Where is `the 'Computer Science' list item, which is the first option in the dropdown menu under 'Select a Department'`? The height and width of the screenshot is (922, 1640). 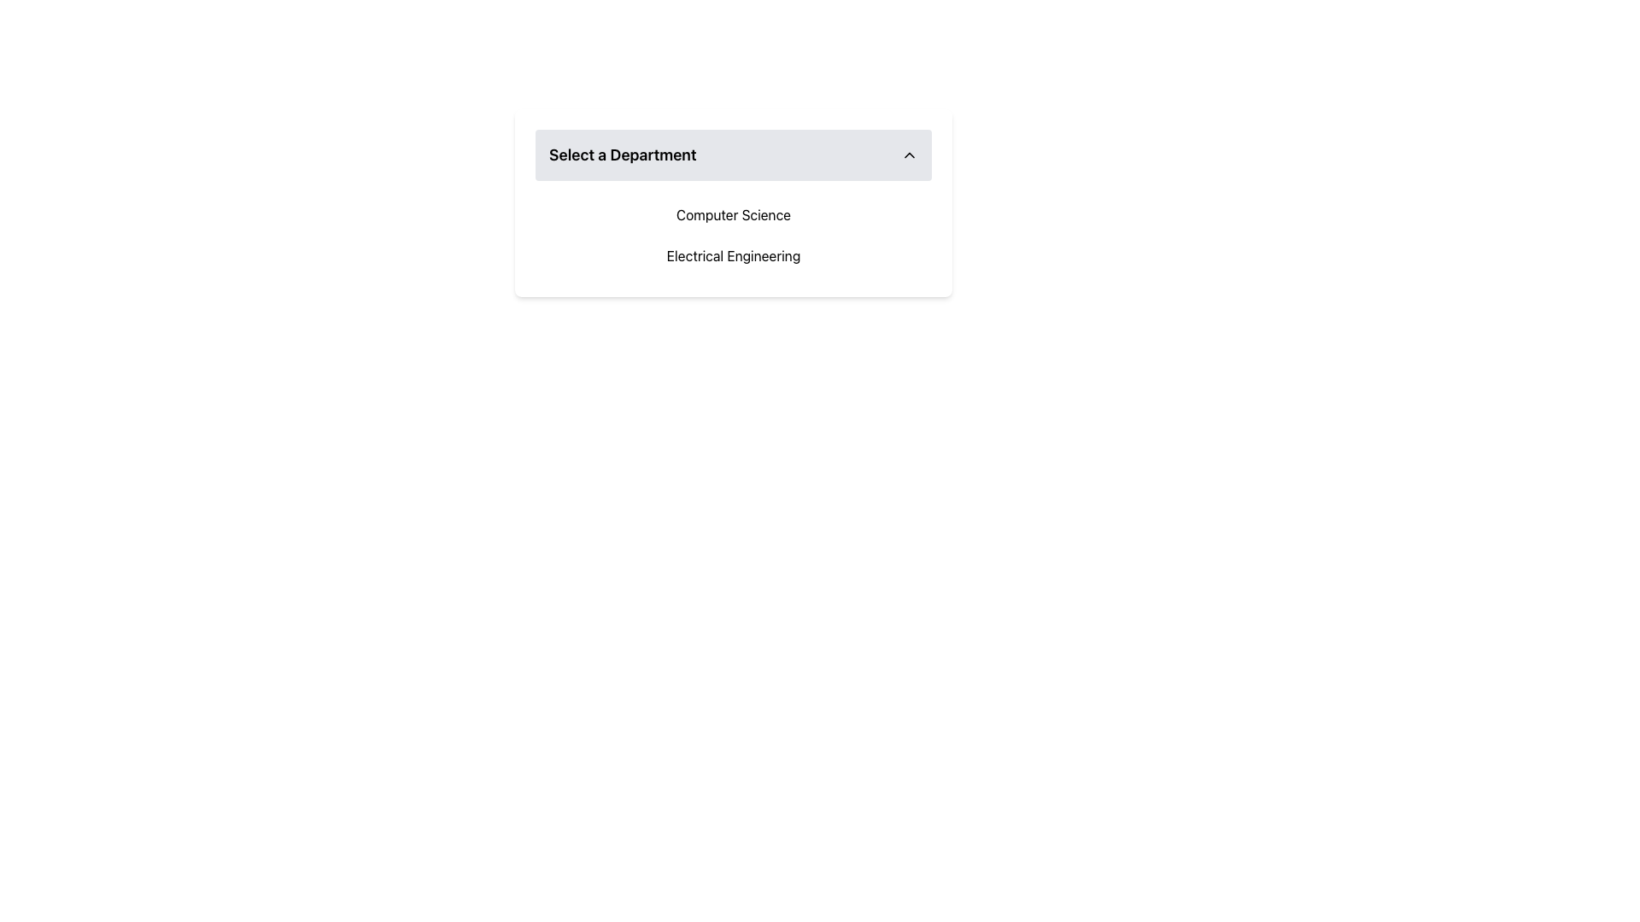 the 'Computer Science' list item, which is the first option in the dropdown menu under 'Select a Department' is located at coordinates (734, 213).